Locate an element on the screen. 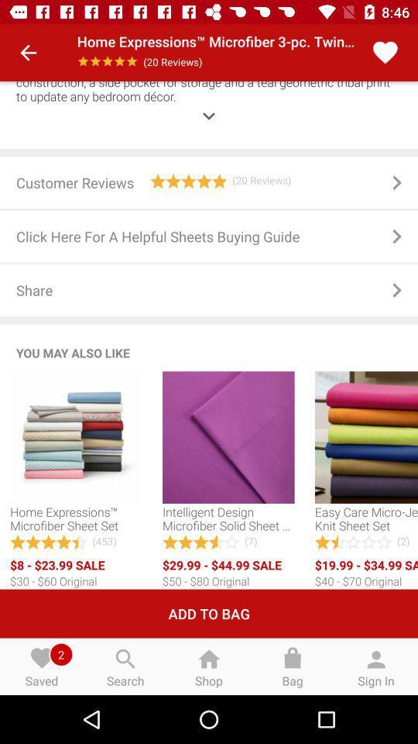 The image size is (418, 744). the item next to the home expressions microfiber icon is located at coordinates (28, 53).